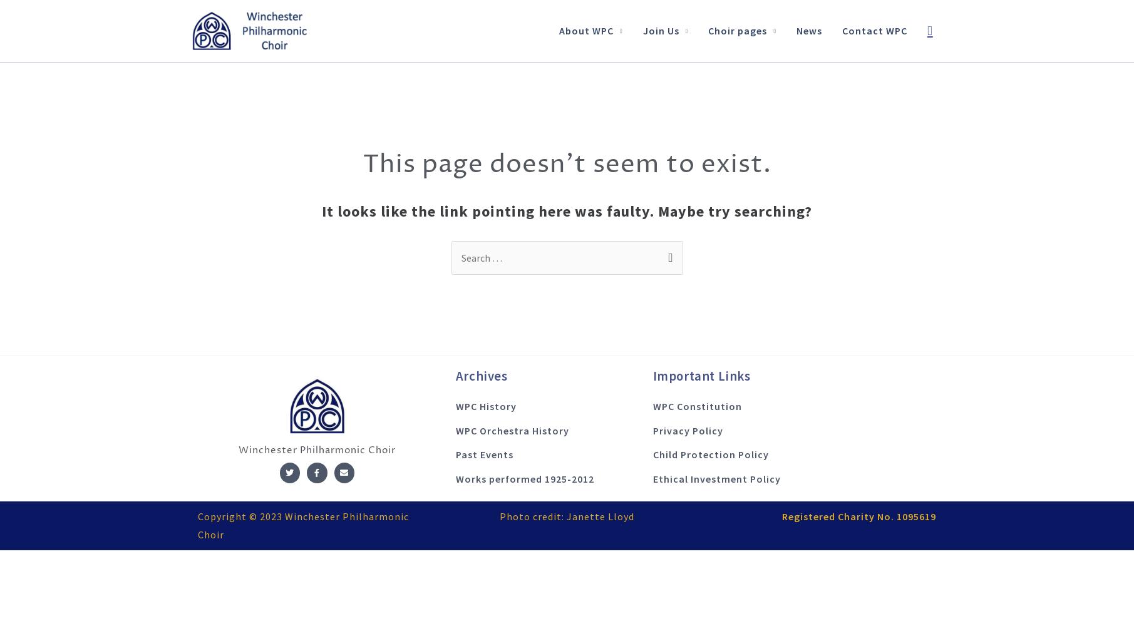 The height and width of the screenshot is (626, 1134). What do you see at coordinates (873, 31) in the screenshot?
I see `'Contact WPC'` at bounding box center [873, 31].